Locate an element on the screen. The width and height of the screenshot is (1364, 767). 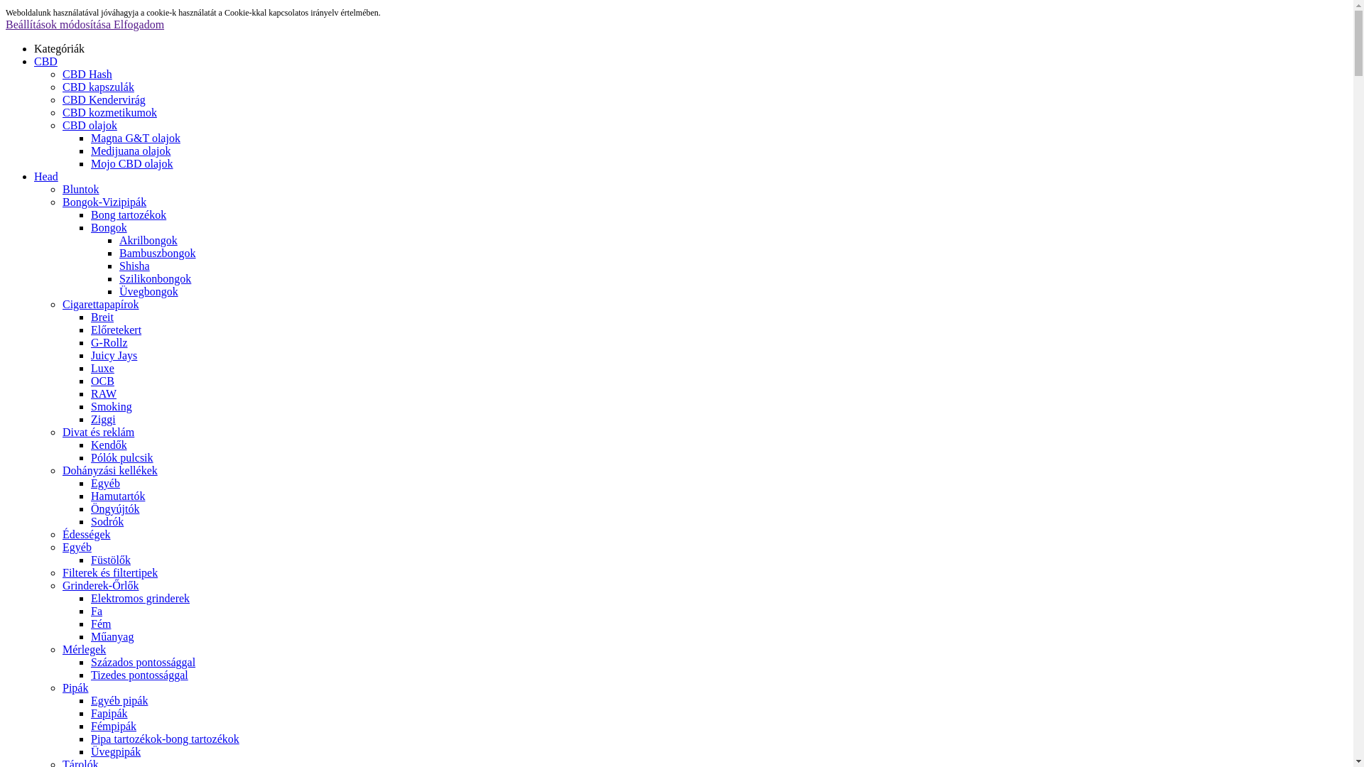
'CBD Hash' is located at coordinates (87, 74).